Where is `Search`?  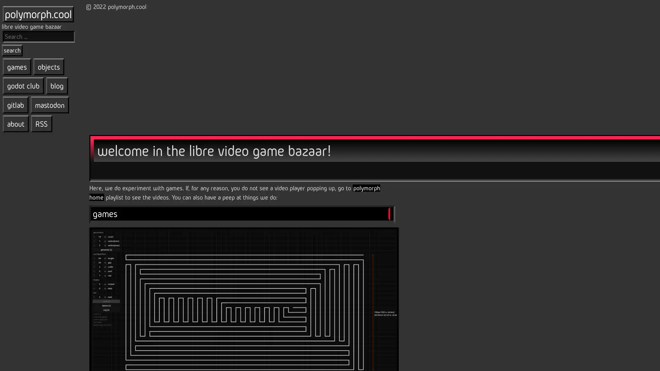
Search is located at coordinates (12, 50).